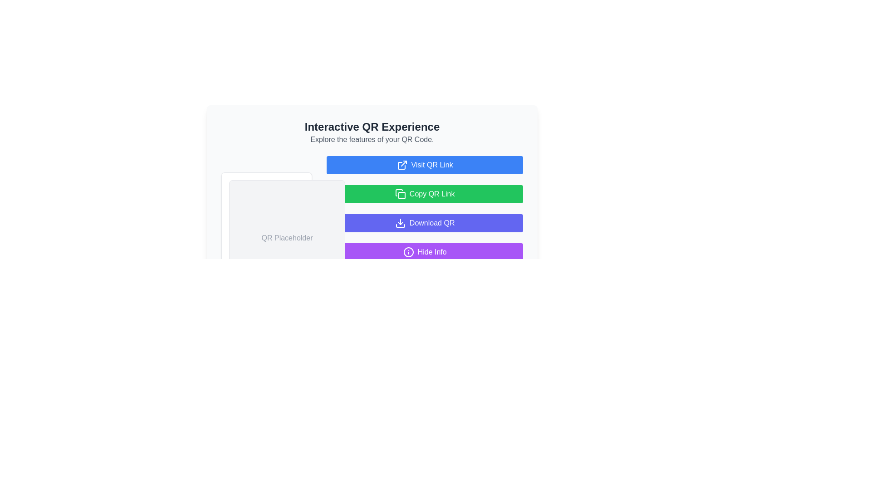  Describe the element at coordinates (424, 223) in the screenshot. I see `the 'Download QR' button` at that location.